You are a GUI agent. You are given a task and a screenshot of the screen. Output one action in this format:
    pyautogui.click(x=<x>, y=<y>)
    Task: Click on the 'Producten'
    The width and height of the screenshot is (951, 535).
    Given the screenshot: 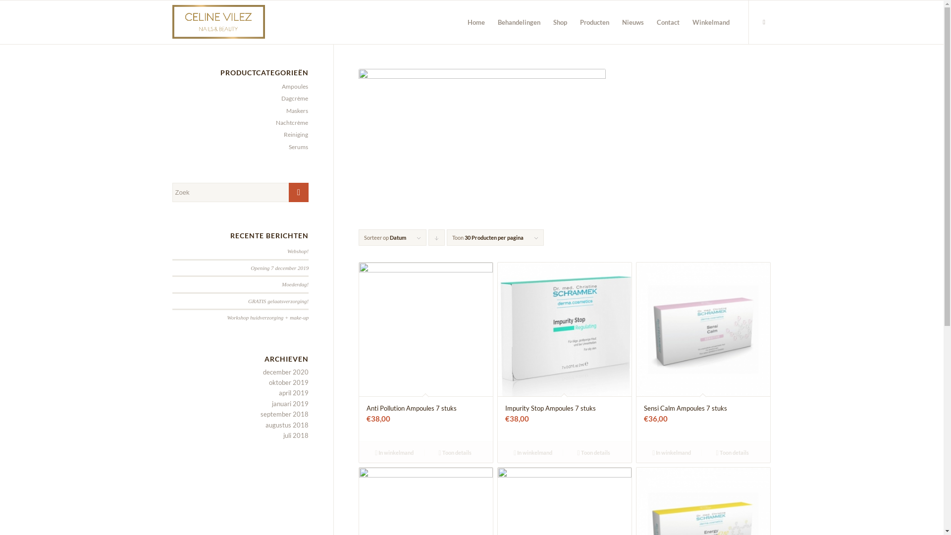 What is the action you would take?
    pyautogui.click(x=594, y=22)
    